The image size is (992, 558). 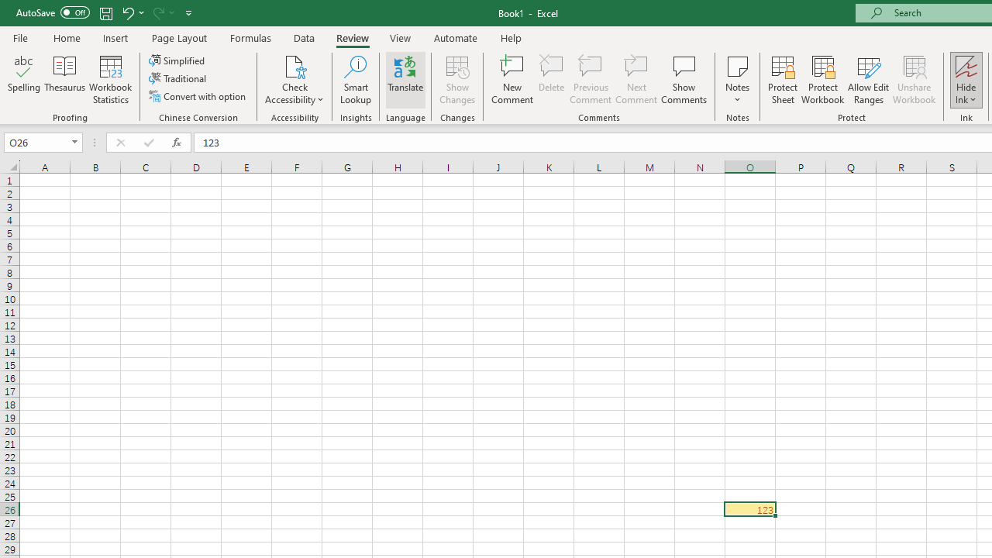 I want to click on 'Allow Edit Ranges', so click(x=868, y=80).